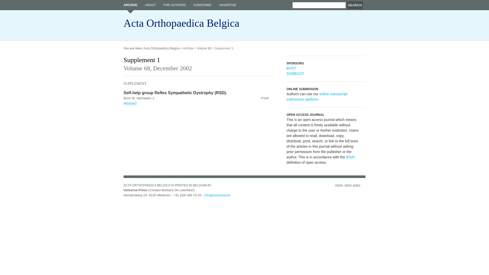 This screenshot has height=275, width=489. Describe the element at coordinates (175, 5) in the screenshot. I see `'FOR AUTHORS'` at that location.